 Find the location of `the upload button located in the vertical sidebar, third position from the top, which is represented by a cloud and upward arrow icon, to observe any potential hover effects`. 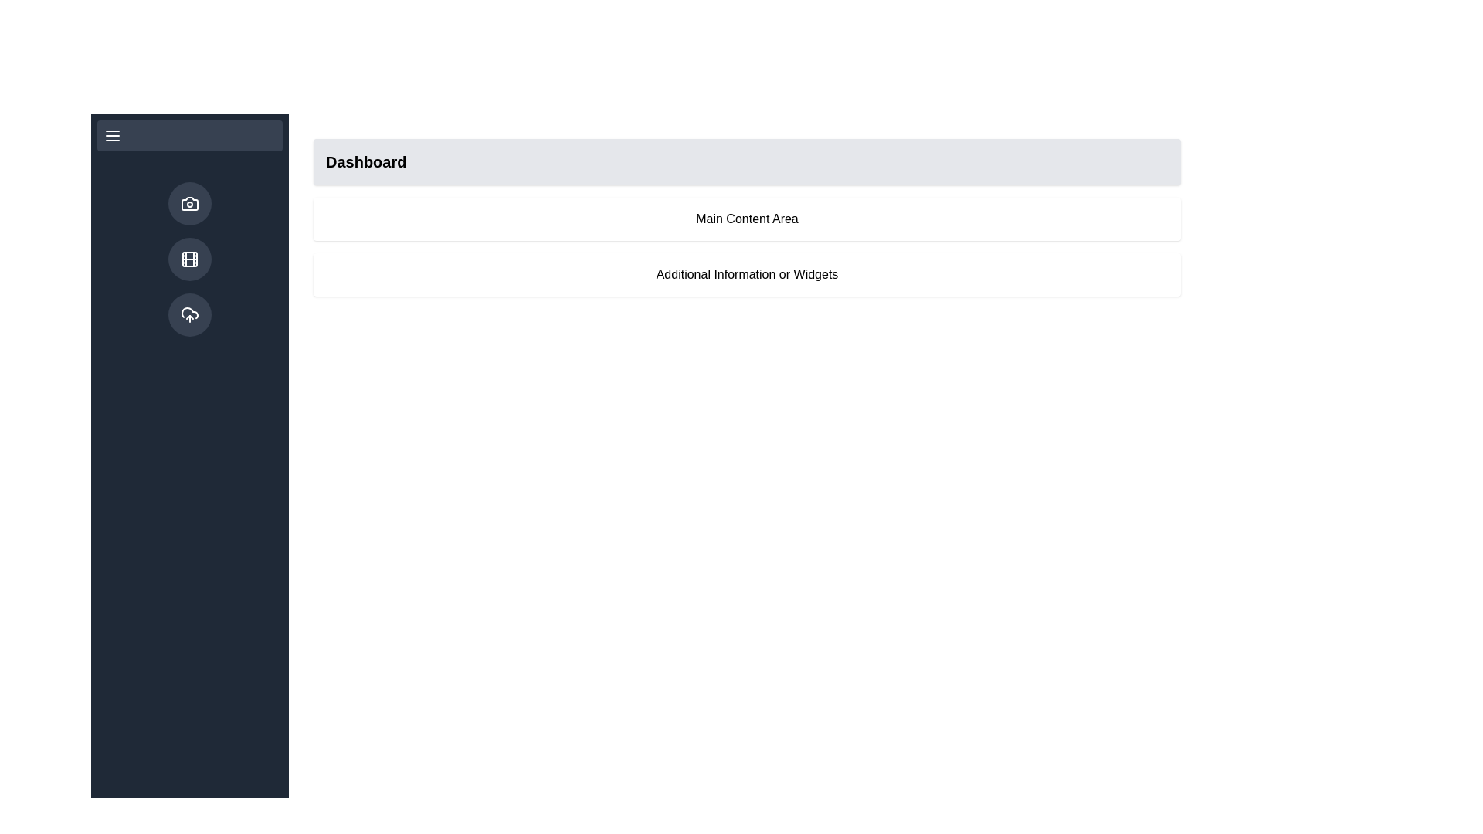

the upload button located in the vertical sidebar, third position from the top, which is represented by a cloud and upward arrow icon, to observe any potential hover effects is located at coordinates (188, 314).